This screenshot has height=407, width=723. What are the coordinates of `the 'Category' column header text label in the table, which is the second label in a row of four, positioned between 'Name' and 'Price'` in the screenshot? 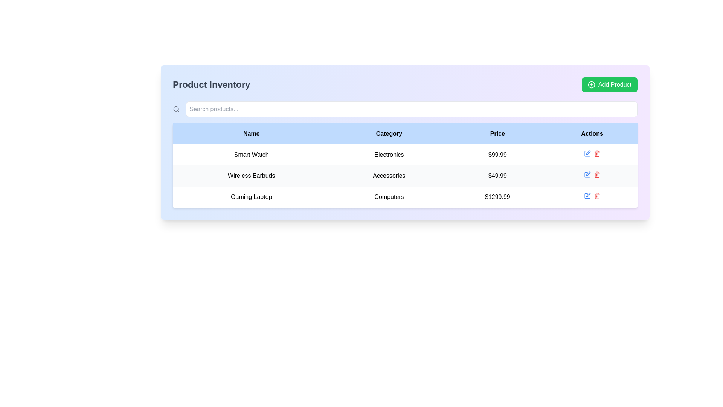 It's located at (389, 133).